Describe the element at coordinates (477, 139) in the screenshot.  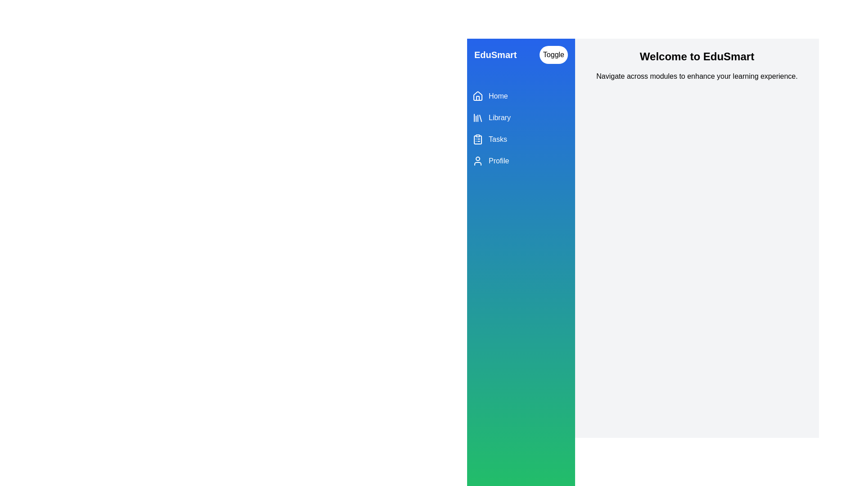
I see `the Tasks icon in the menu` at that location.